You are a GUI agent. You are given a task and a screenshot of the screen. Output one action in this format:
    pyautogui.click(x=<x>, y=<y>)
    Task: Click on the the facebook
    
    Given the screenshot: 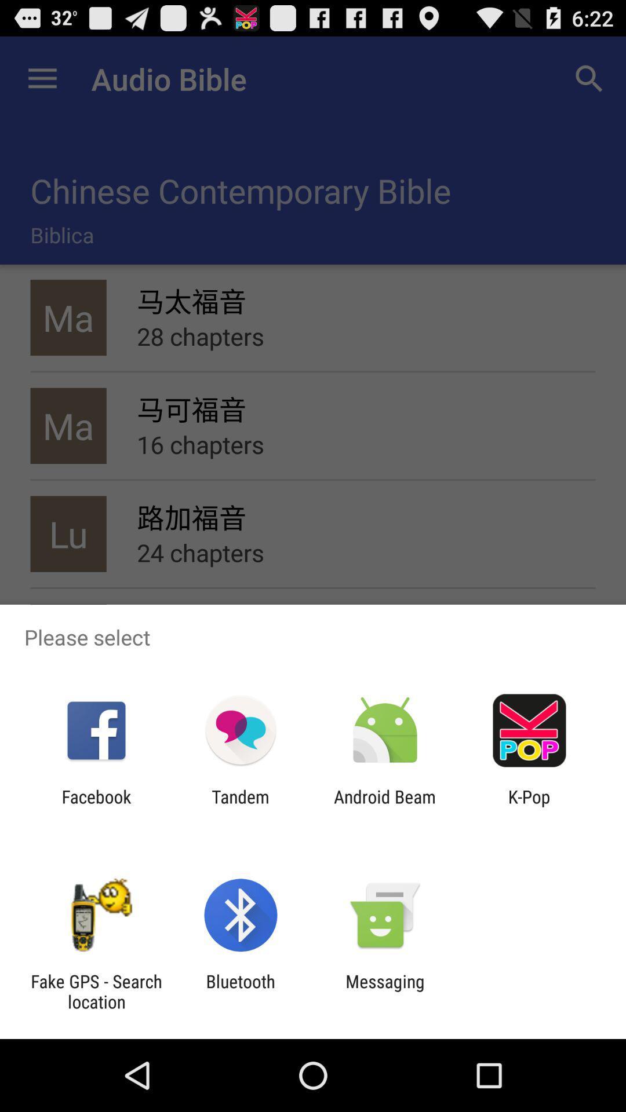 What is the action you would take?
    pyautogui.click(x=96, y=806)
    